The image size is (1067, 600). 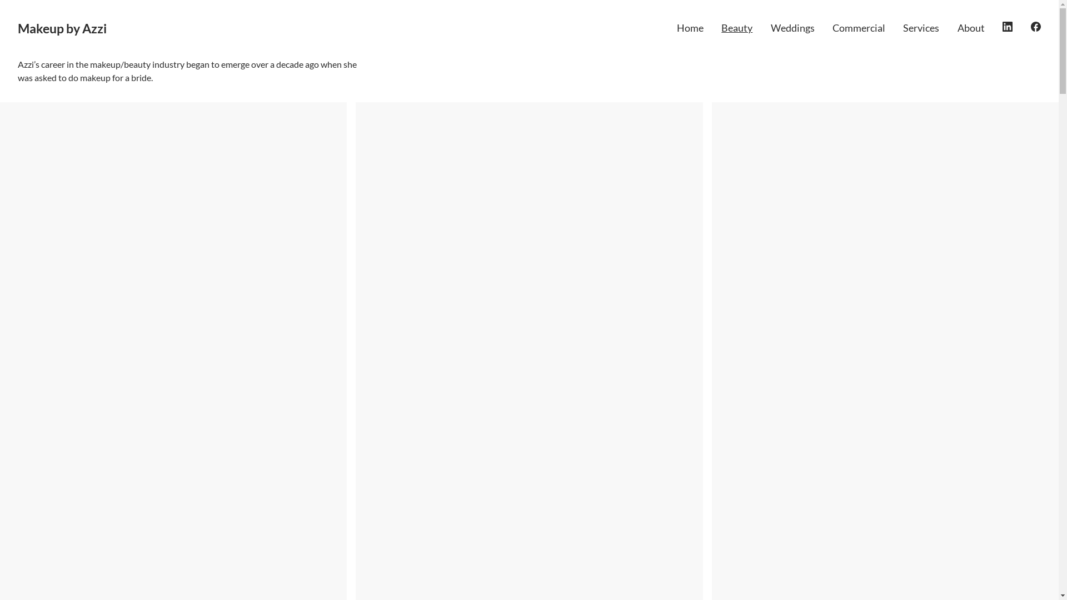 What do you see at coordinates (690, 27) in the screenshot?
I see `'Home'` at bounding box center [690, 27].